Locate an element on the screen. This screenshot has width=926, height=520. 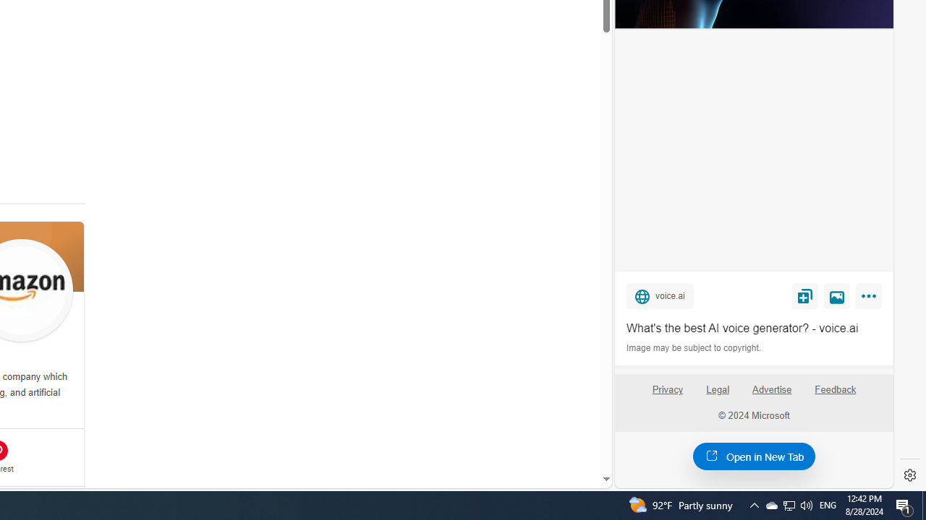
'voice.ai' is located at coordinates (659, 295).